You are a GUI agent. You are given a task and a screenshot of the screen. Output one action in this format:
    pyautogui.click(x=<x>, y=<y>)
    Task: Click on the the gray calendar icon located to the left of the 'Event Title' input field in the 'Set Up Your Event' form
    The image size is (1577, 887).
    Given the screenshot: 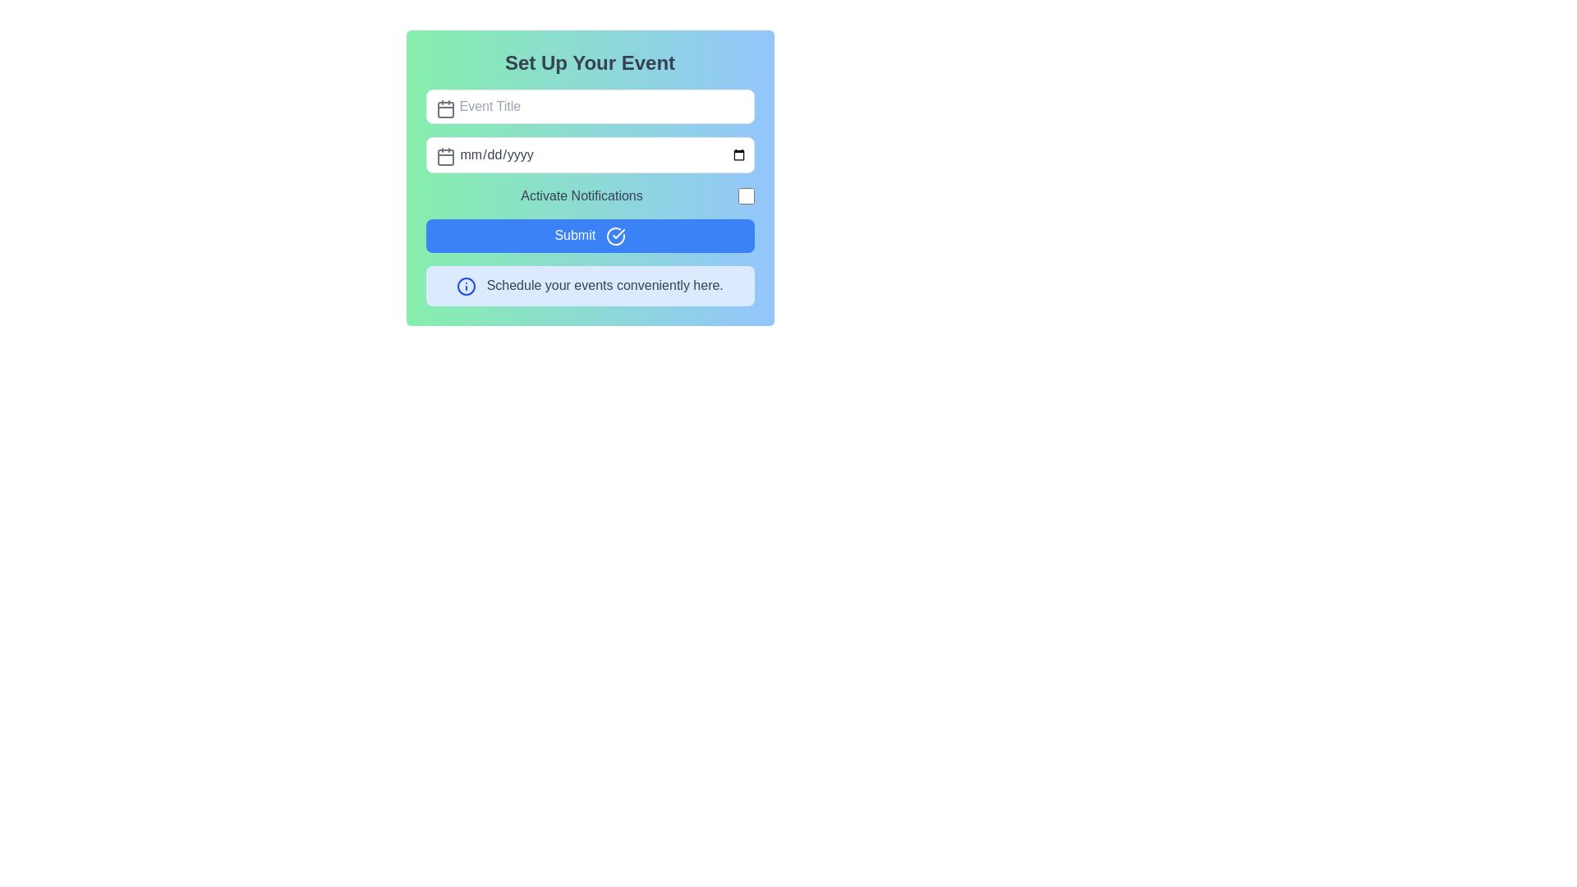 What is the action you would take?
    pyautogui.click(x=445, y=108)
    